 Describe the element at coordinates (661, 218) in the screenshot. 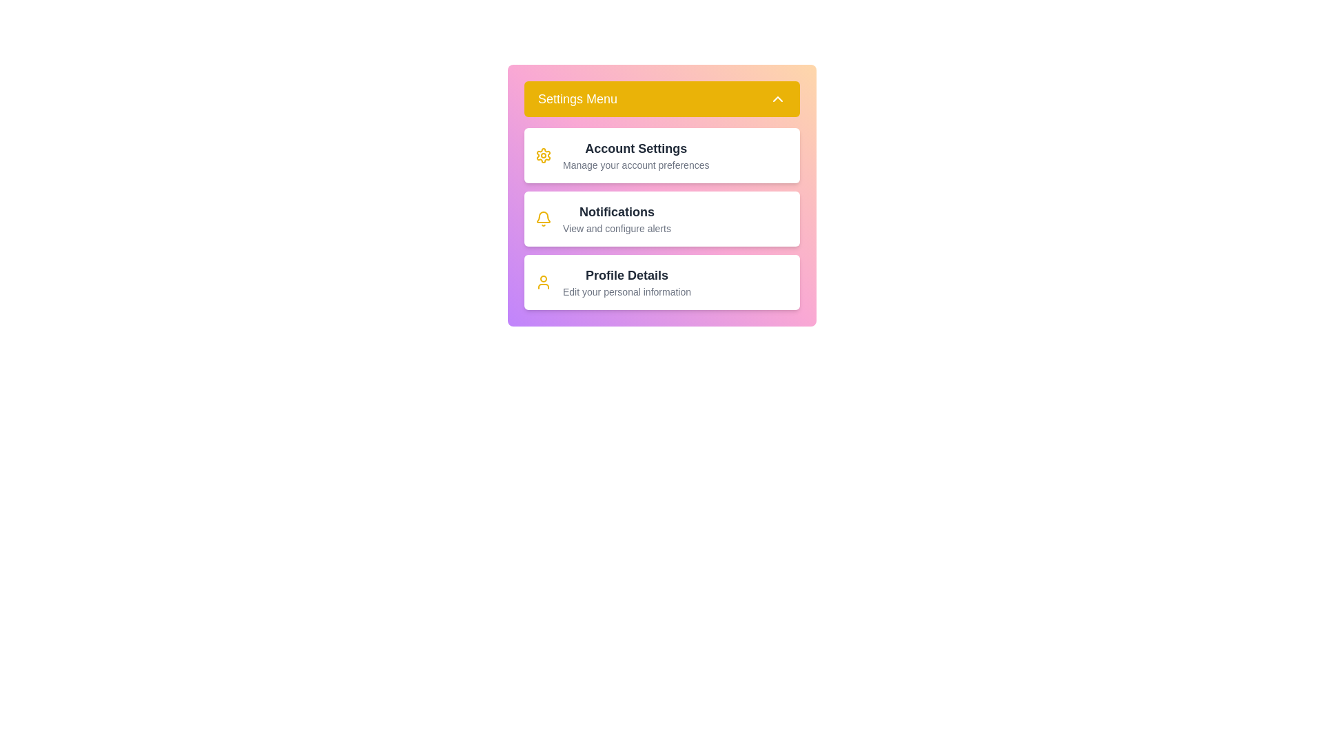

I see `the 'Notifications' option in the menu` at that location.